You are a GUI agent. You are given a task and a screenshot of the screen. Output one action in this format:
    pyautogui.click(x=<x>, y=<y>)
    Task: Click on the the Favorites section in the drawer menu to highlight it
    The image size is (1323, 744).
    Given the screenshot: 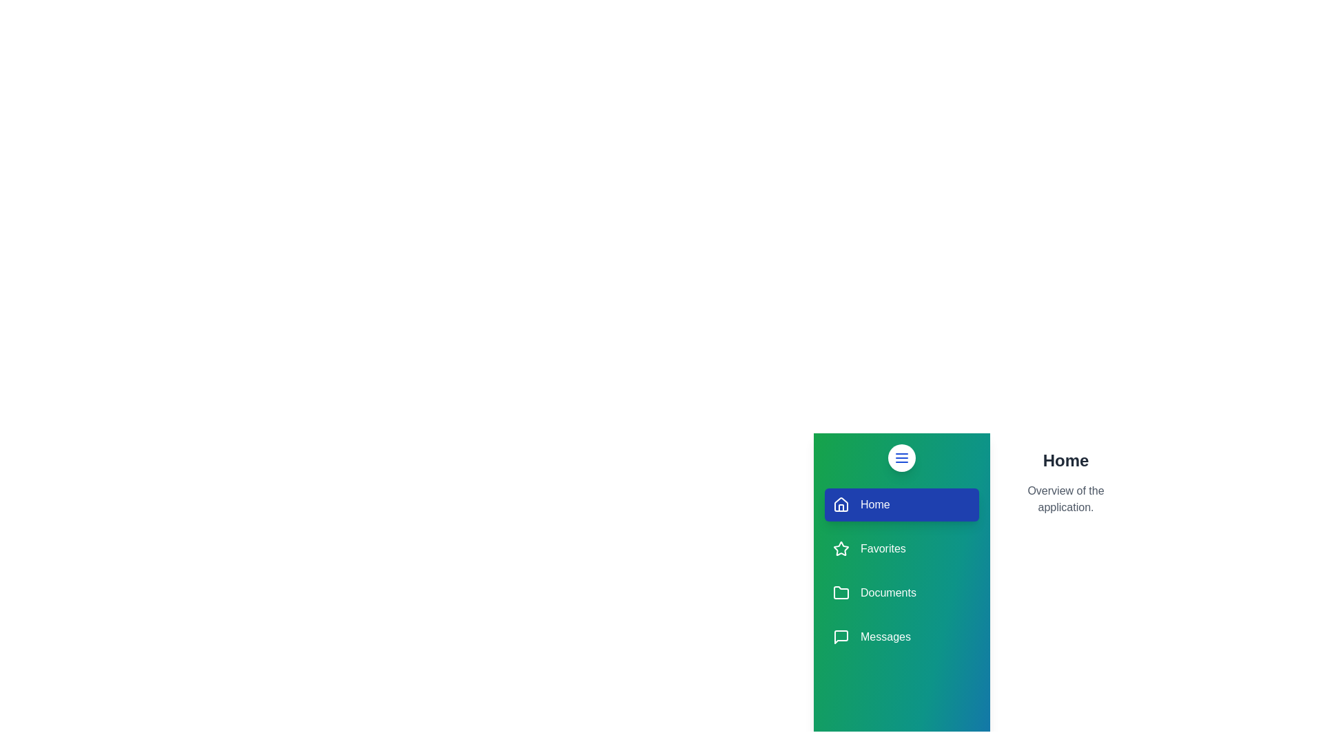 What is the action you would take?
    pyautogui.click(x=902, y=548)
    